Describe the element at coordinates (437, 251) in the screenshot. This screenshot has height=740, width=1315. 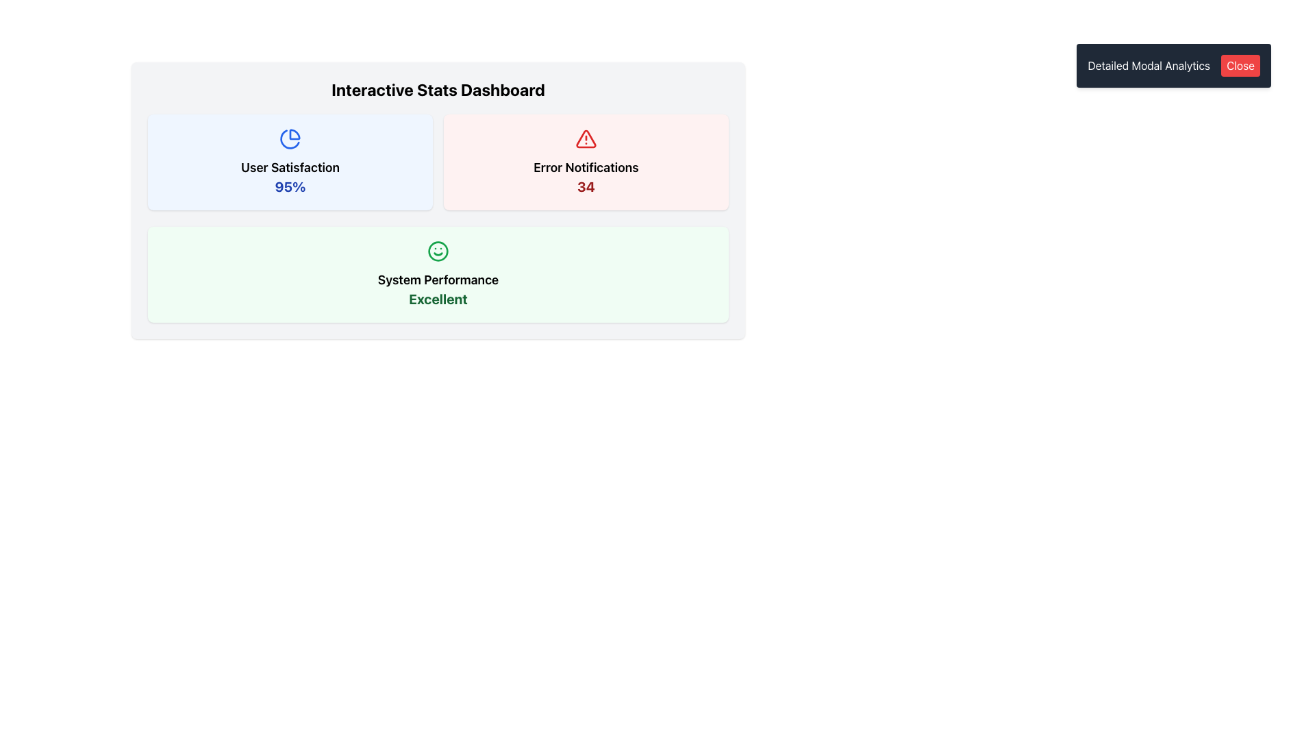
I see `the decorative icon indicating positive performance, which is centrally positioned above the text 'System Performance Excellent' in the green-highlighted section of the interface` at that location.